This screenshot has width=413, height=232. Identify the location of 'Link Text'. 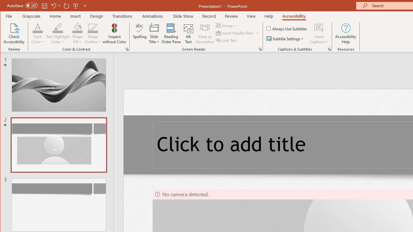
(227, 40).